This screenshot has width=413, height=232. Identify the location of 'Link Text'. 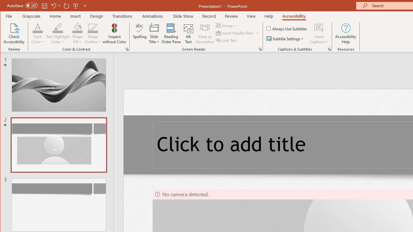
(227, 40).